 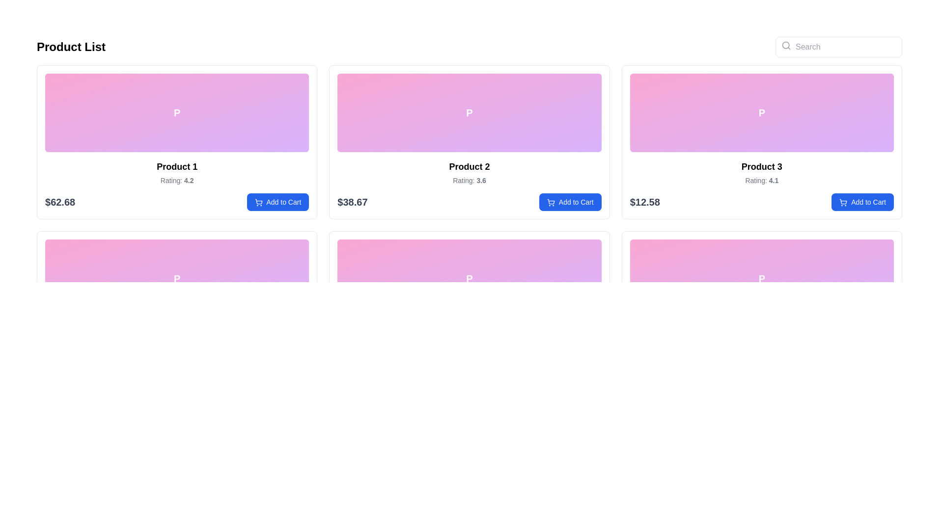 What do you see at coordinates (70, 47) in the screenshot?
I see `the bold, large text label displaying 'Product List' located at the top-left corner of the interface` at bounding box center [70, 47].